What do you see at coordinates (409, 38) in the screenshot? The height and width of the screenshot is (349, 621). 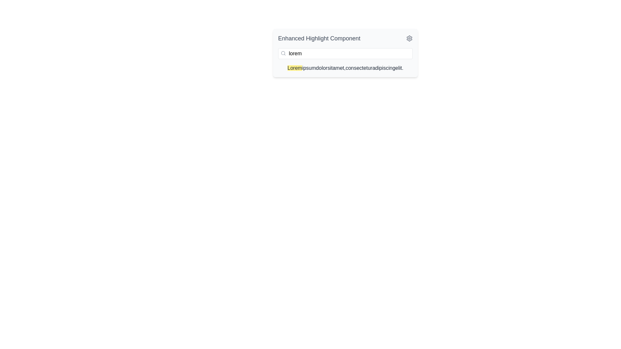 I see `the settings icon located at the top-right corner of the 'Enhanced Highlight Component' widget` at bounding box center [409, 38].